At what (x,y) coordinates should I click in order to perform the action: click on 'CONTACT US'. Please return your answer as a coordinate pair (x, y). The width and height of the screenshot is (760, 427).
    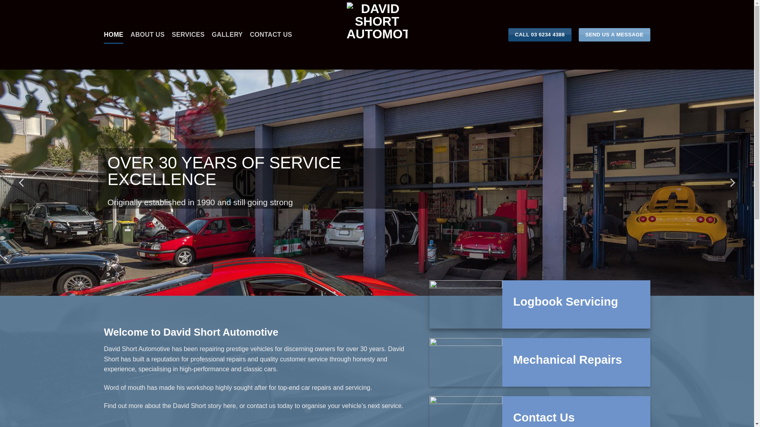
    Looking at the image, I should click on (271, 34).